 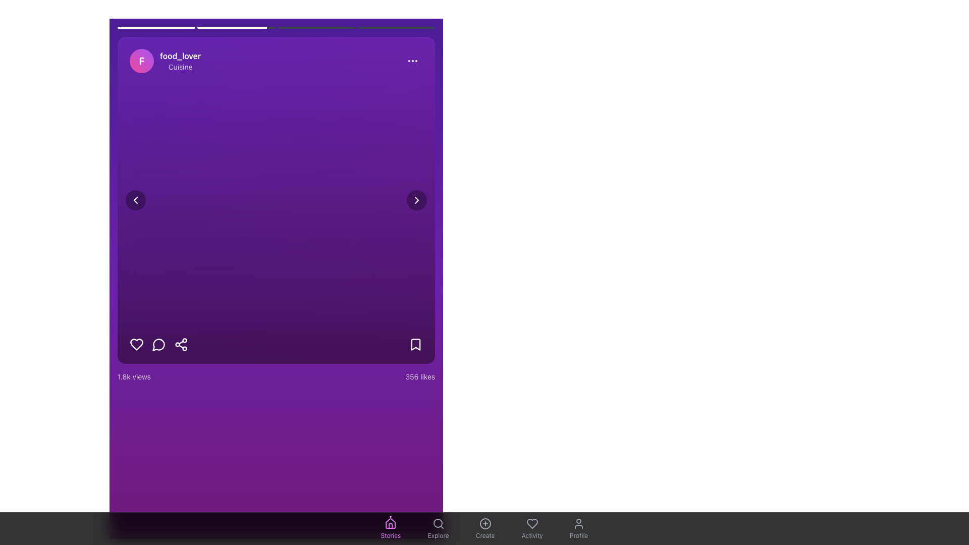 I want to click on the inner circle of the search icon in the 'Explore' button located in the bottom navigation bar, so click(x=438, y=523).